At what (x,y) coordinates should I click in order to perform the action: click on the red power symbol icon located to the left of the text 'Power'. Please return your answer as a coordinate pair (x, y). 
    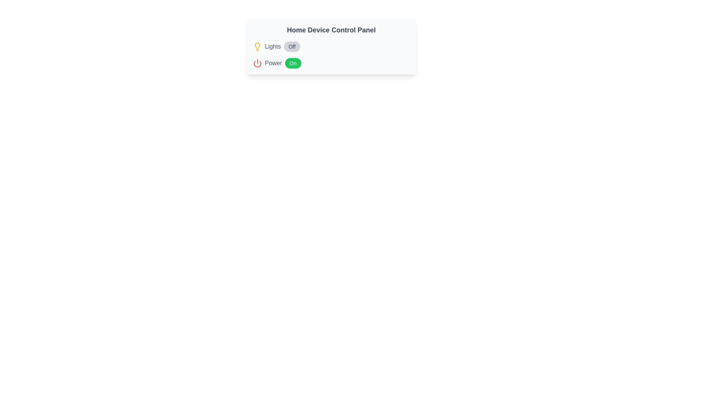
    Looking at the image, I should click on (257, 63).